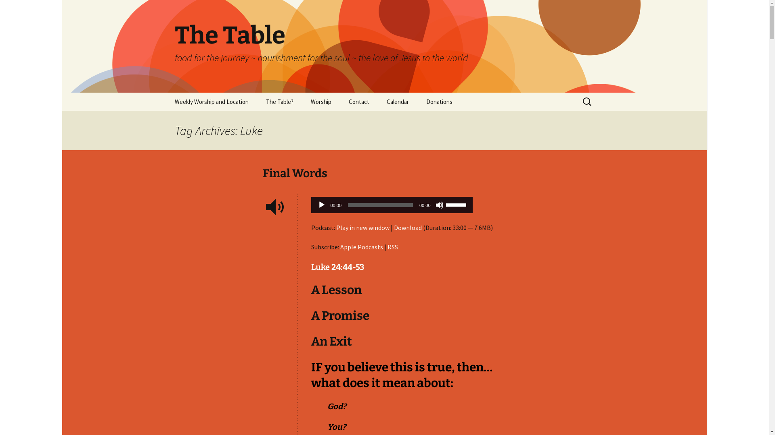  I want to click on 'Use Up/Down Arrow keys to increase or decrease volume.', so click(457, 203).